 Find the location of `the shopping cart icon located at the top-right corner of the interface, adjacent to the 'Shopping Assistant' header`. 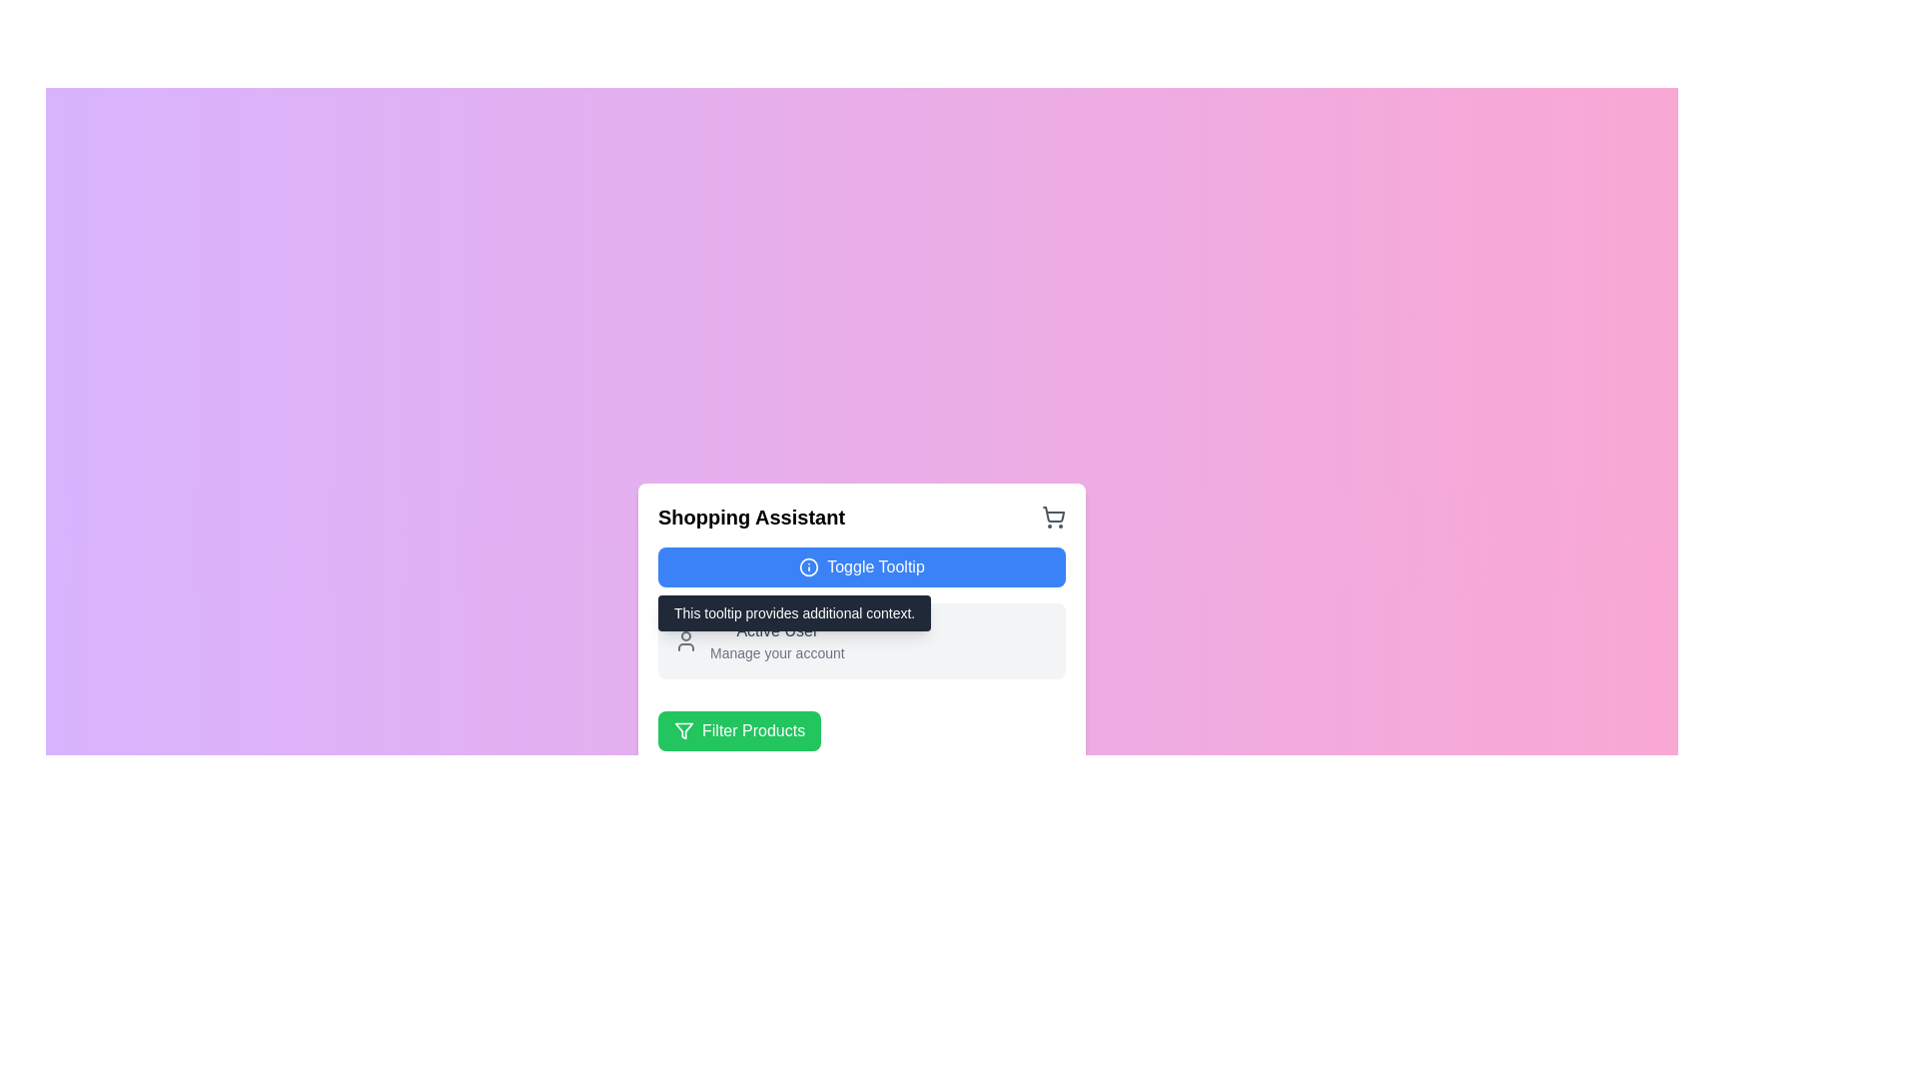

the shopping cart icon located at the top-right corner of the interface, adjacent to the 'Shopping Assistant' header is located at coordinates (1053, 514).